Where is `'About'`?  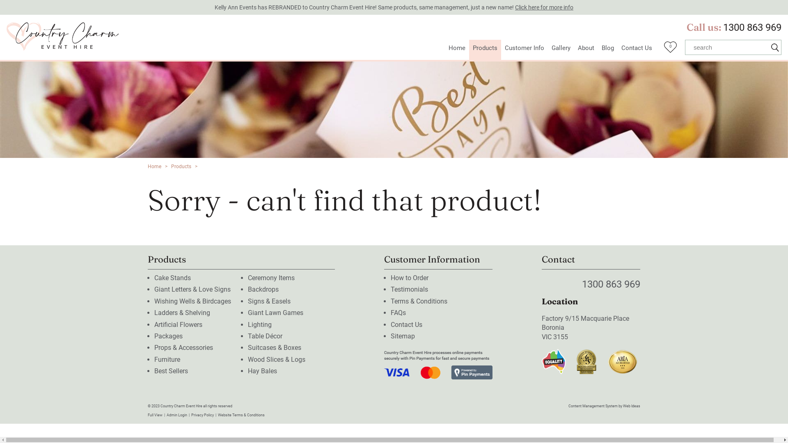
'About' is located at coordinates (573, 50).